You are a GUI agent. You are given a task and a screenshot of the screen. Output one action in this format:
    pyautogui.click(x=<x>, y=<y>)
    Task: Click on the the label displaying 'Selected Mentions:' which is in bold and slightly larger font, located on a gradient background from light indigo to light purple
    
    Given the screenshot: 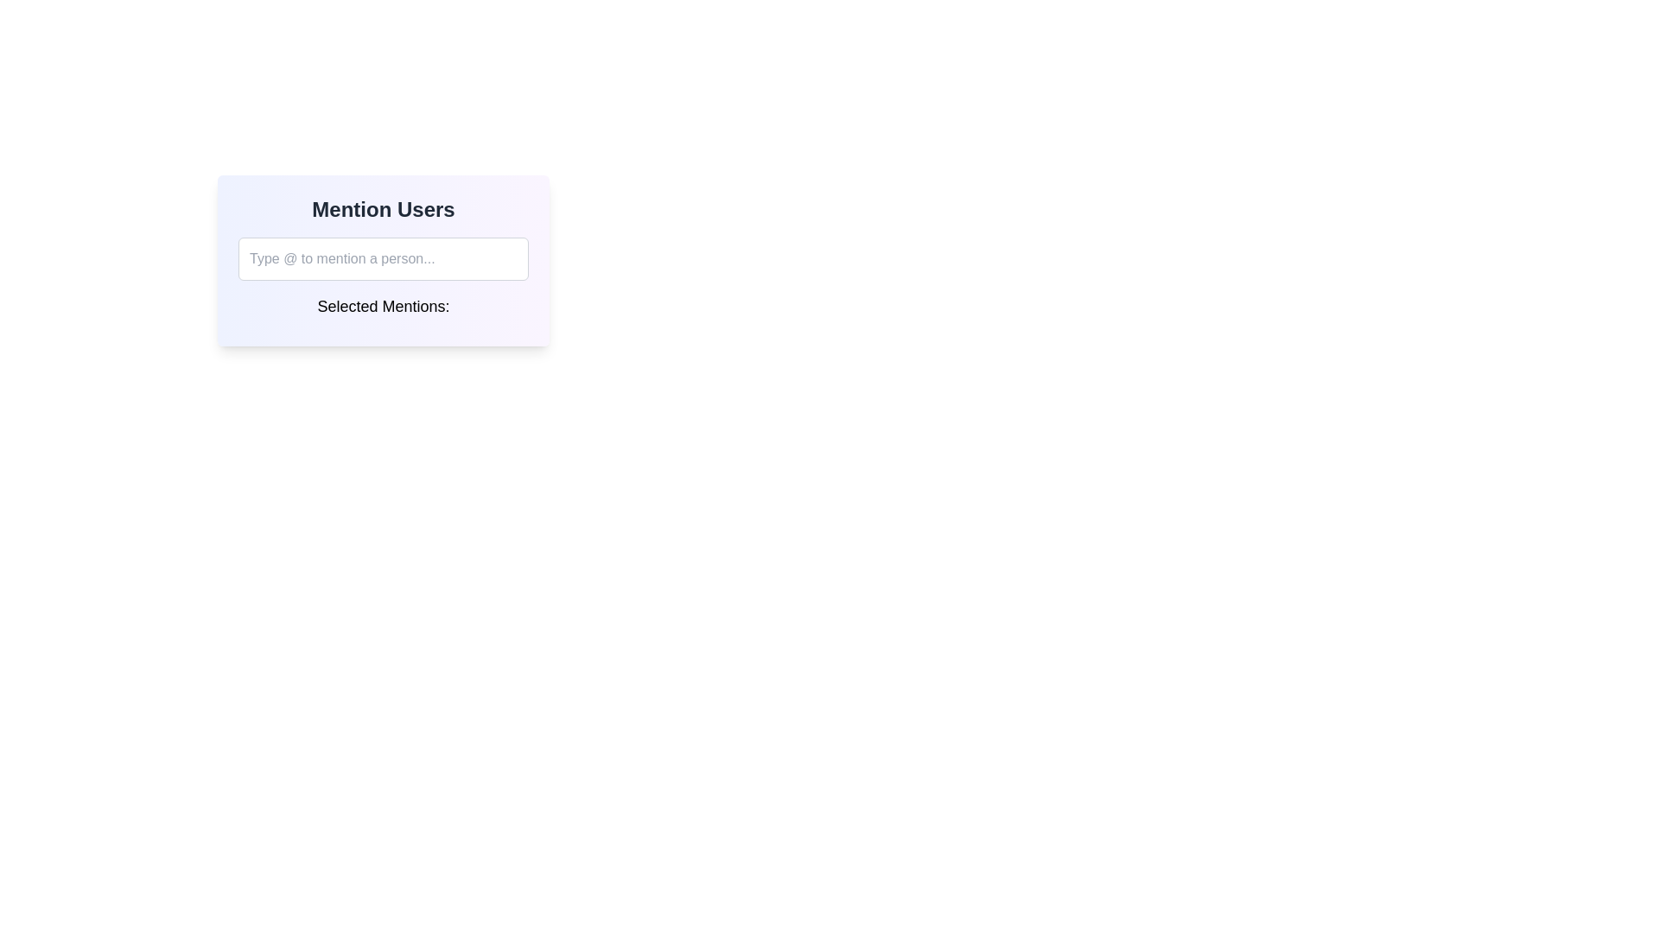 What is the action you would take?
    pyautogui.click(x=383, y=308)
    